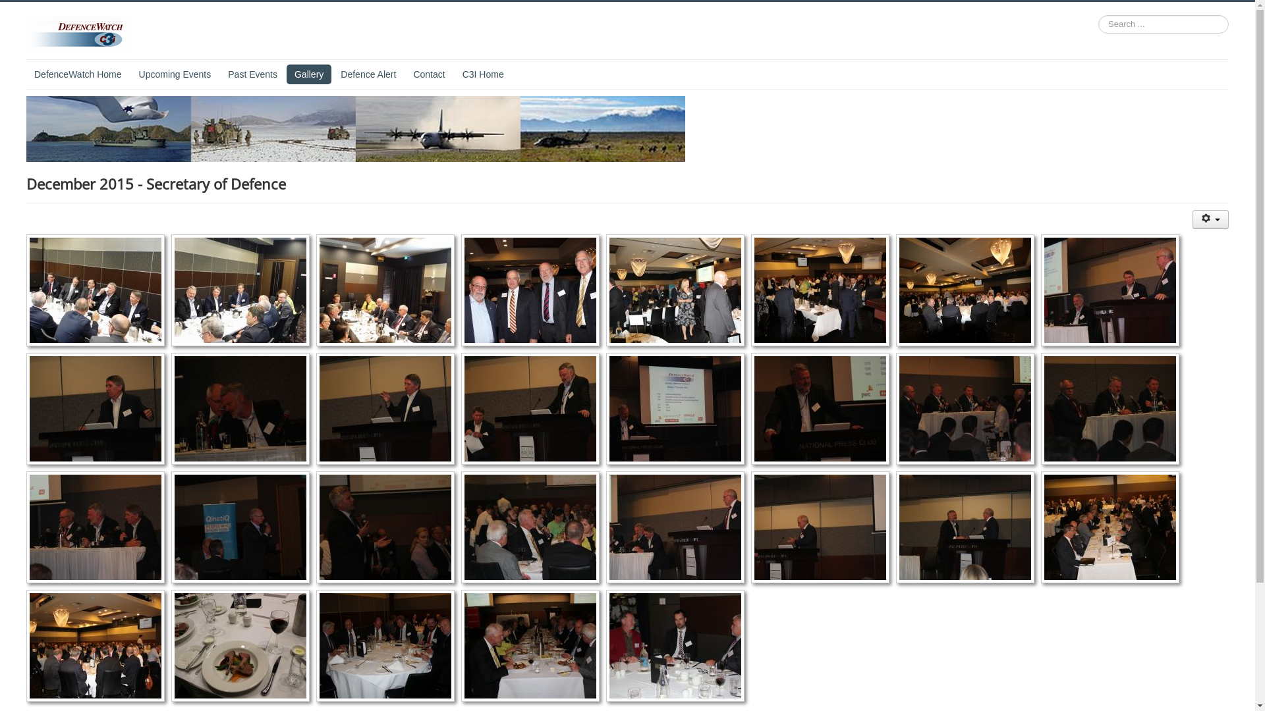 Image resolution: width=1265 pixels, height=711 pixels. Describe the element at coordinates (77, 74) in the screenshot. I see `'DefenceWatch Home'` at that location.